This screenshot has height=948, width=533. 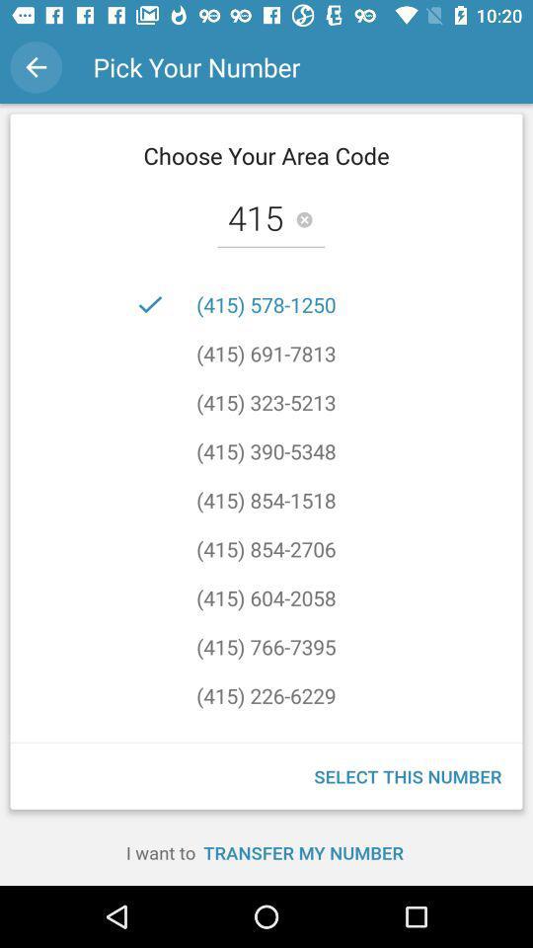 What do you see at coordinates (266, 596) in the screenshot?
I see `the item above the (415) 766-7395` at bounding box center [266, 596].